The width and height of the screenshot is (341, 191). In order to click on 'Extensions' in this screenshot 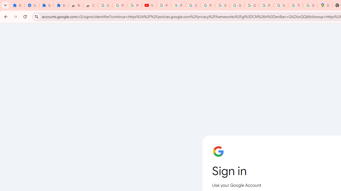, I will do `click(46, 5)`.